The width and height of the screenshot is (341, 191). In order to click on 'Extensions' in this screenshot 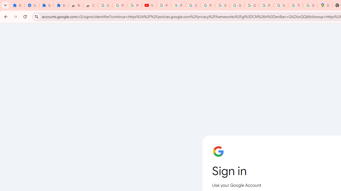, I will do `click(46, 5)`.